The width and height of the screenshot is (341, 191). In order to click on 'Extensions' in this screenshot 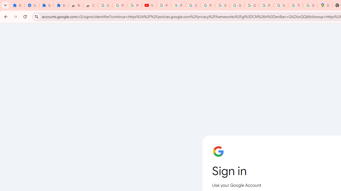, I will do `click(46, 5)`.